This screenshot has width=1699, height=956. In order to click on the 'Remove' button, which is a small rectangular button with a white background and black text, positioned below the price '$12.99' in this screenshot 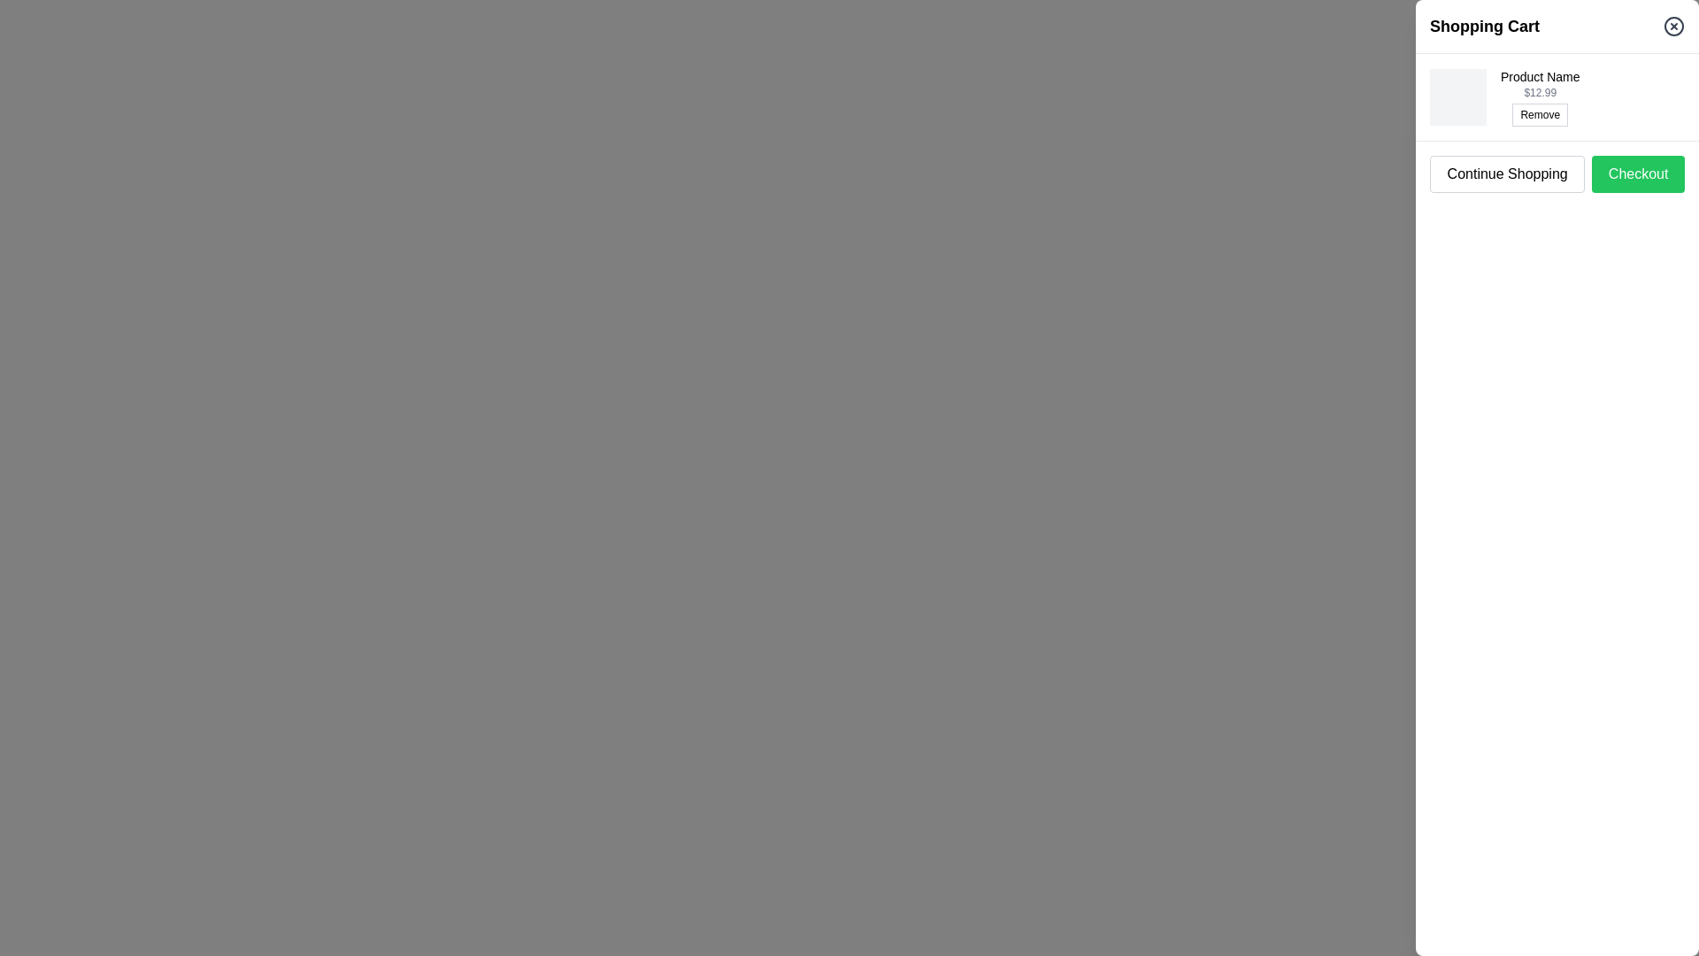, I will do `click(1539, 115)`.